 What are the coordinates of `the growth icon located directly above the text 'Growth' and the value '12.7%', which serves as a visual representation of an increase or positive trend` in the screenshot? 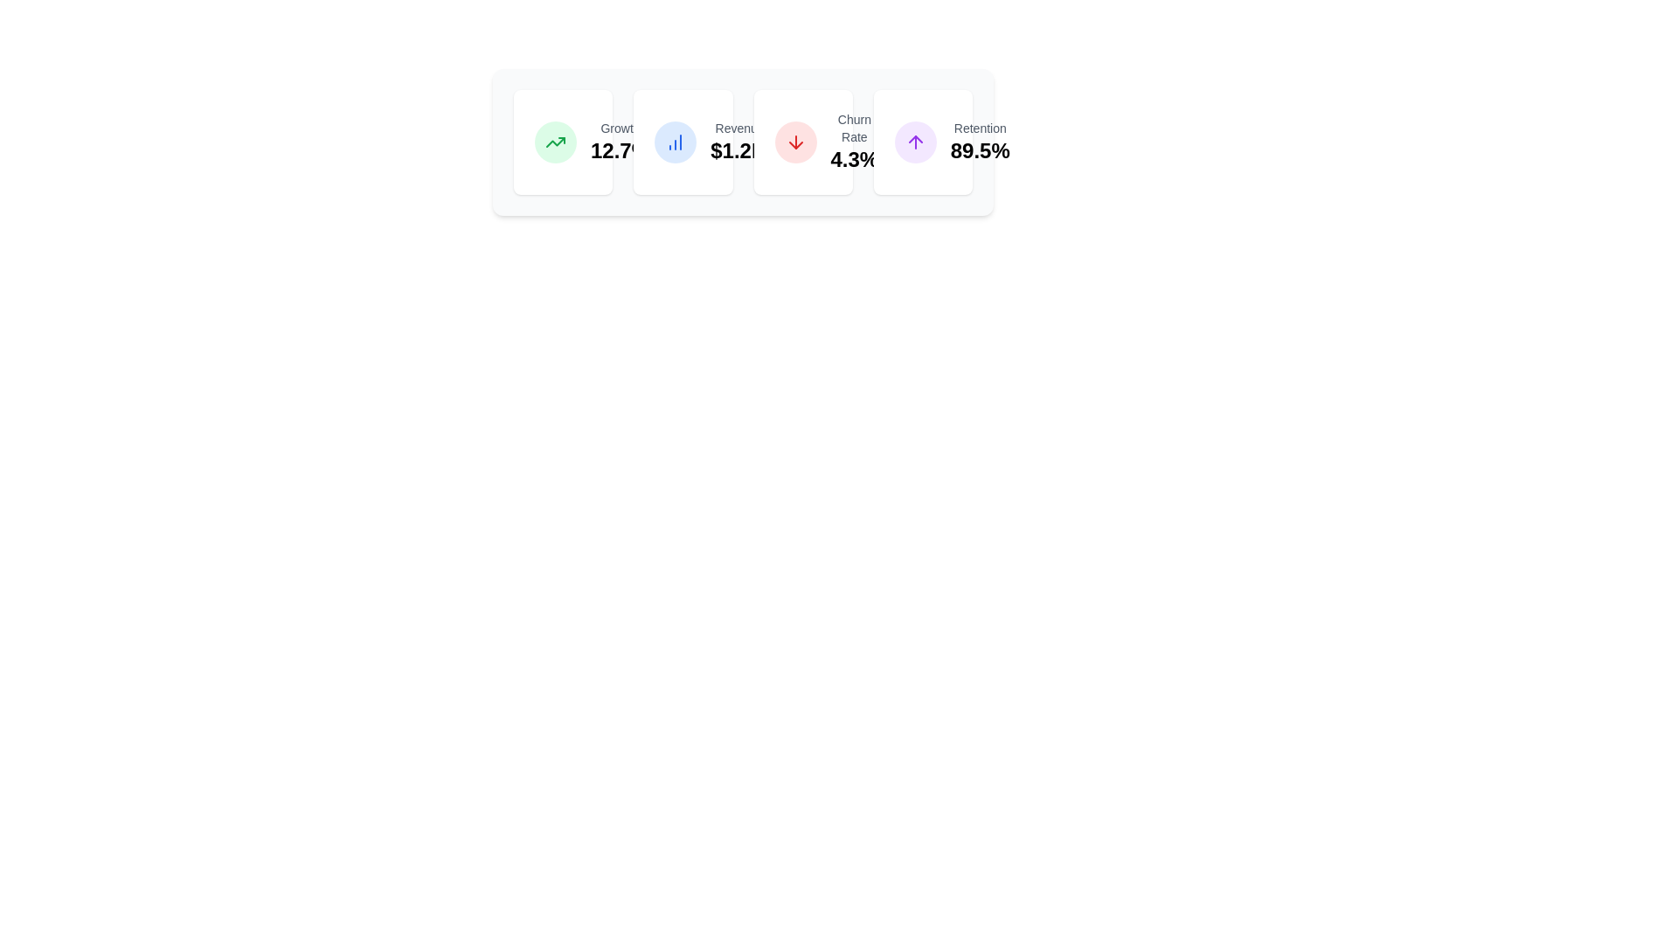 It's located at (554, 141).